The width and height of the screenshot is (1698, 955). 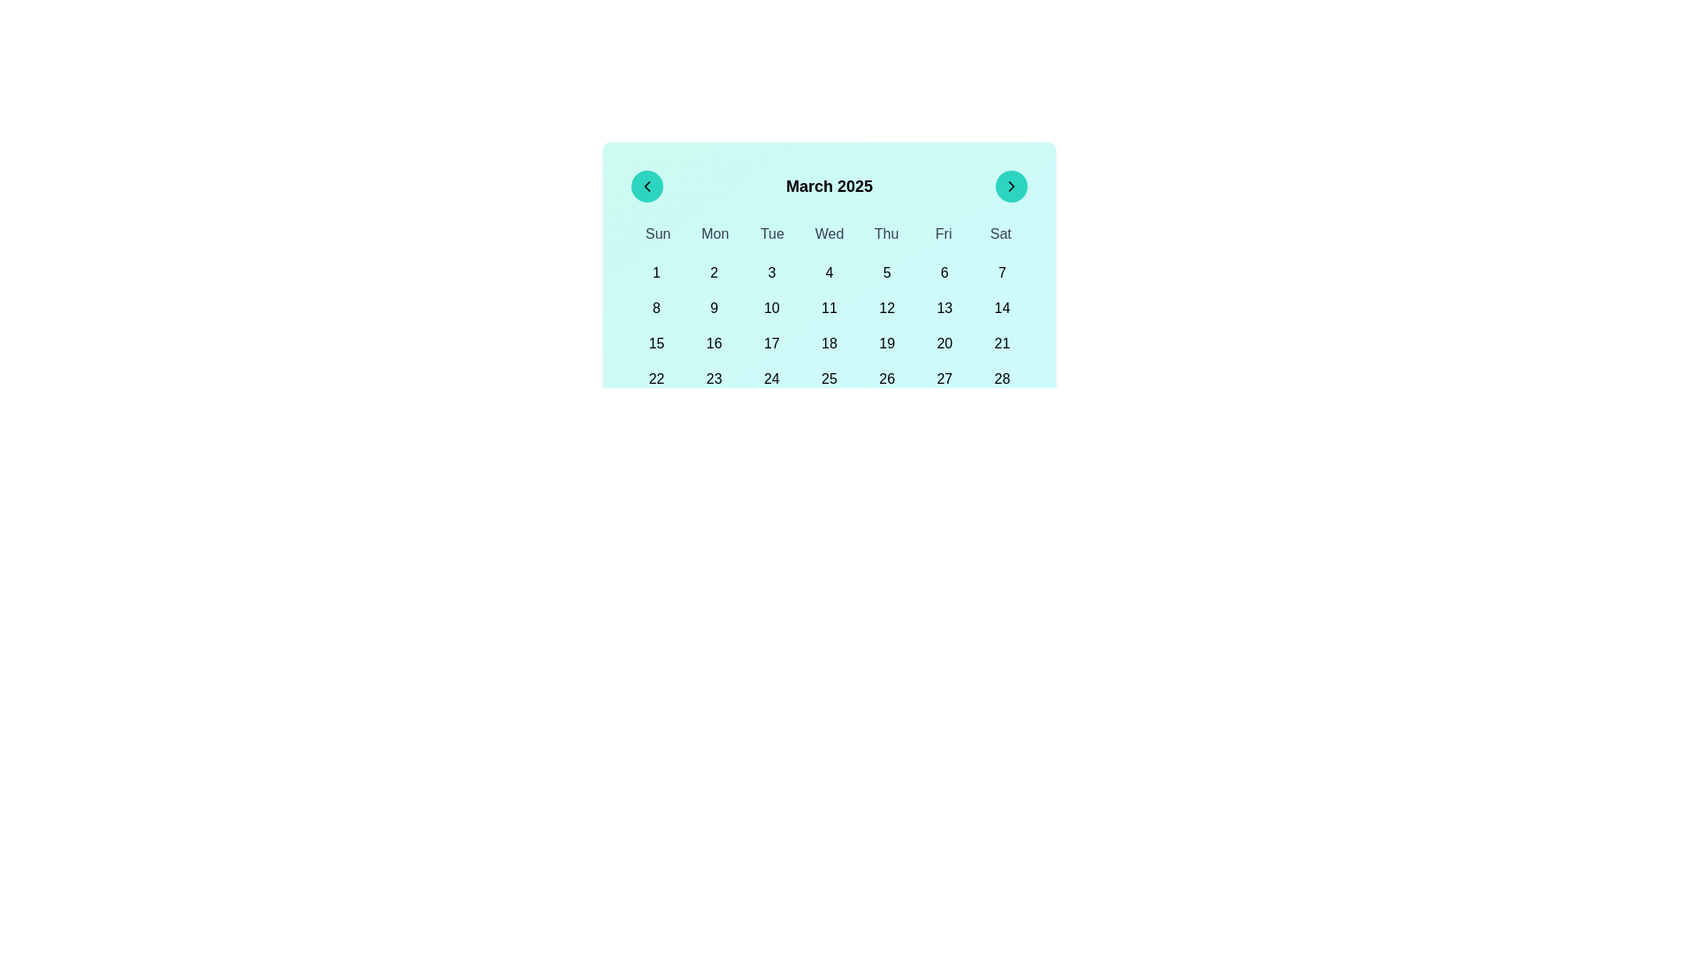 I want to click on the Text Display element that indicates the currently selected month and year in the calendar interface, centrally positioned between two circular navigation buttons, so click(x=828, y=187).